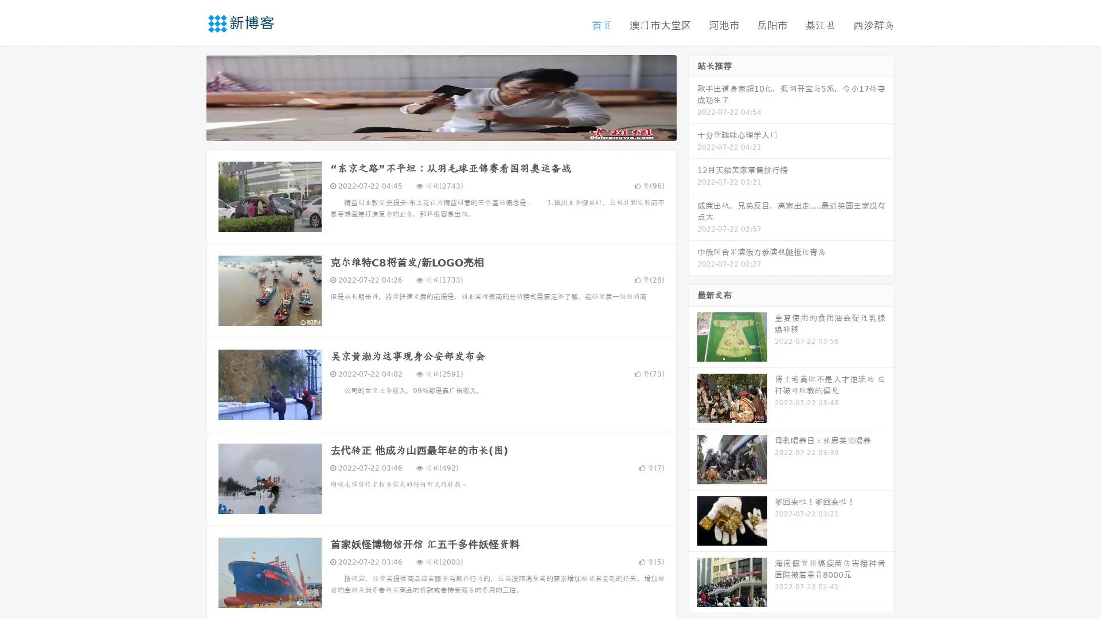 The width and height of the screenshot is (1101, 619). I want to click on Next slide, so click(693, 96).